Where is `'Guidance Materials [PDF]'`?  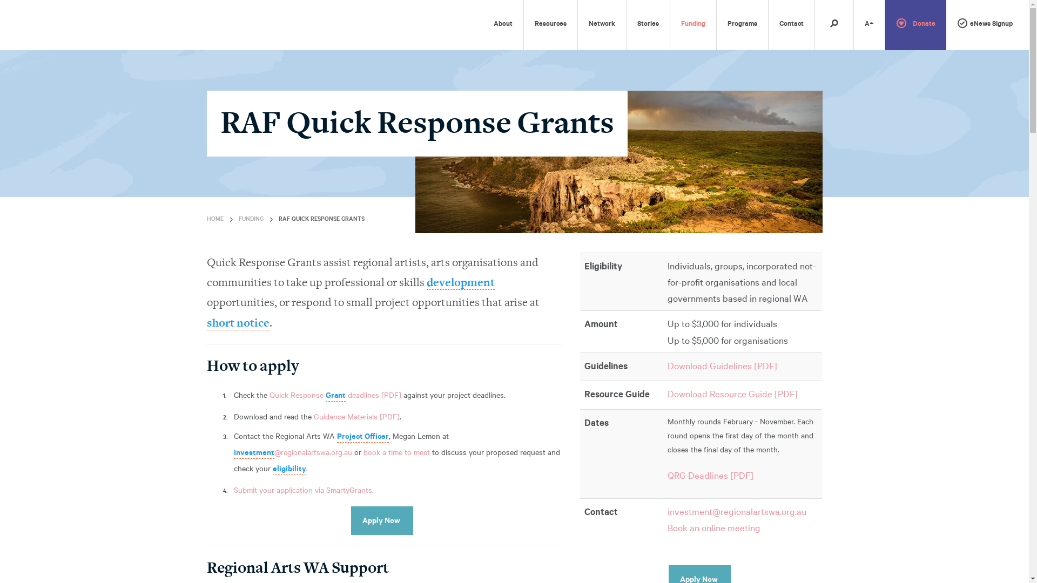 'Guidance Materials [PDF]' is located at coordinates (356, 416).